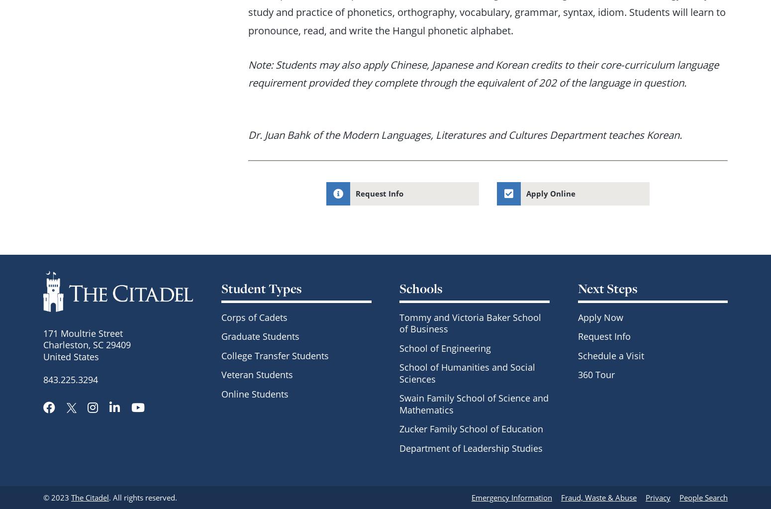  What do you see at coordinates (467, 372) in the screenshot?
I see `'School of Humanities and Social Sciences'` at bounding box center [467, 372].